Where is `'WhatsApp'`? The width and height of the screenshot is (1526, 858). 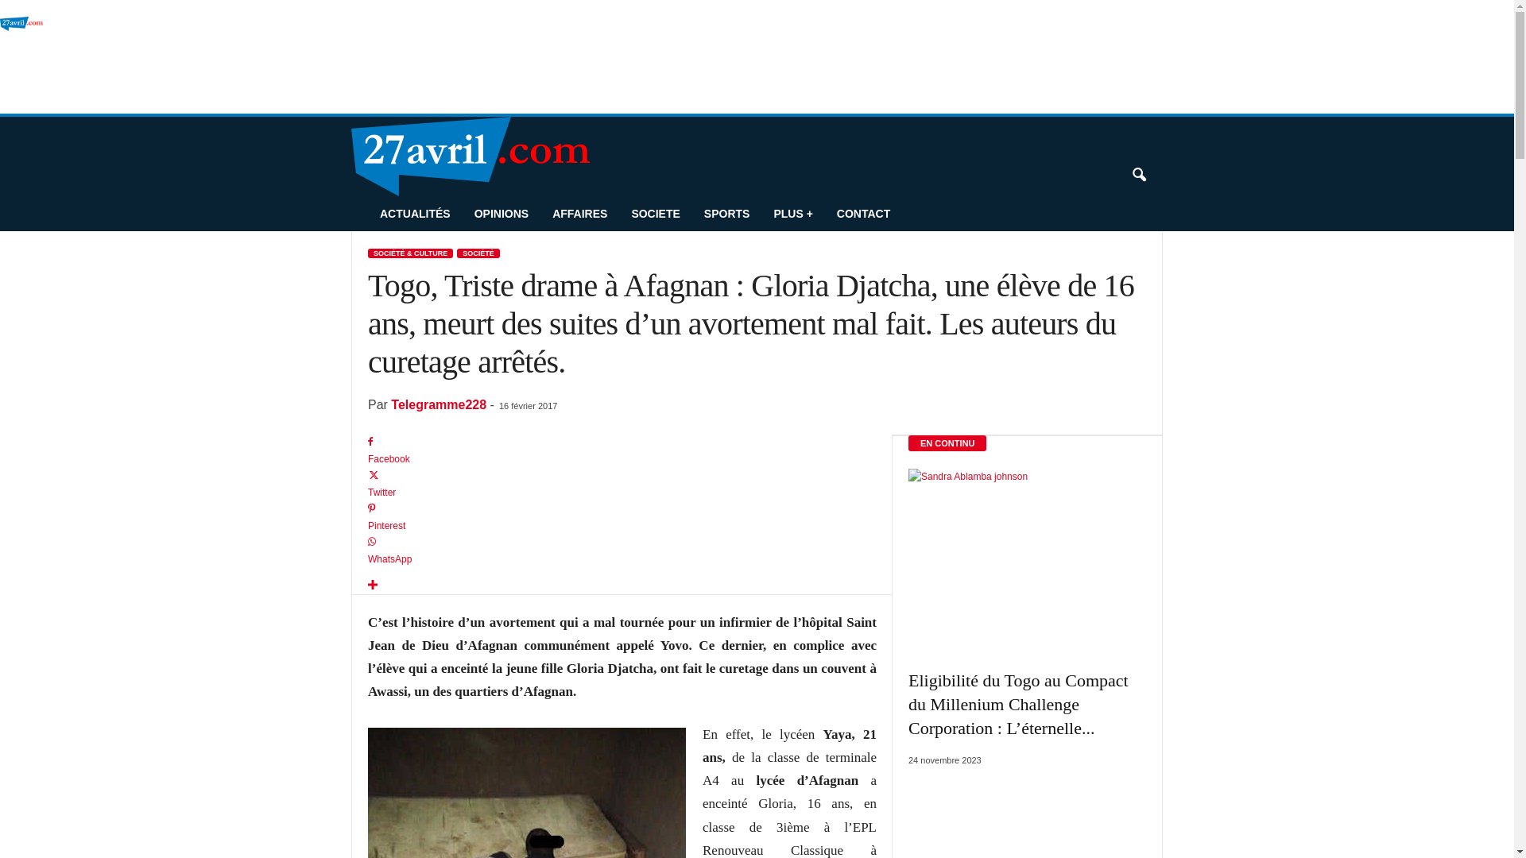 'WhatsApp' is located at coordinates (366, 551).